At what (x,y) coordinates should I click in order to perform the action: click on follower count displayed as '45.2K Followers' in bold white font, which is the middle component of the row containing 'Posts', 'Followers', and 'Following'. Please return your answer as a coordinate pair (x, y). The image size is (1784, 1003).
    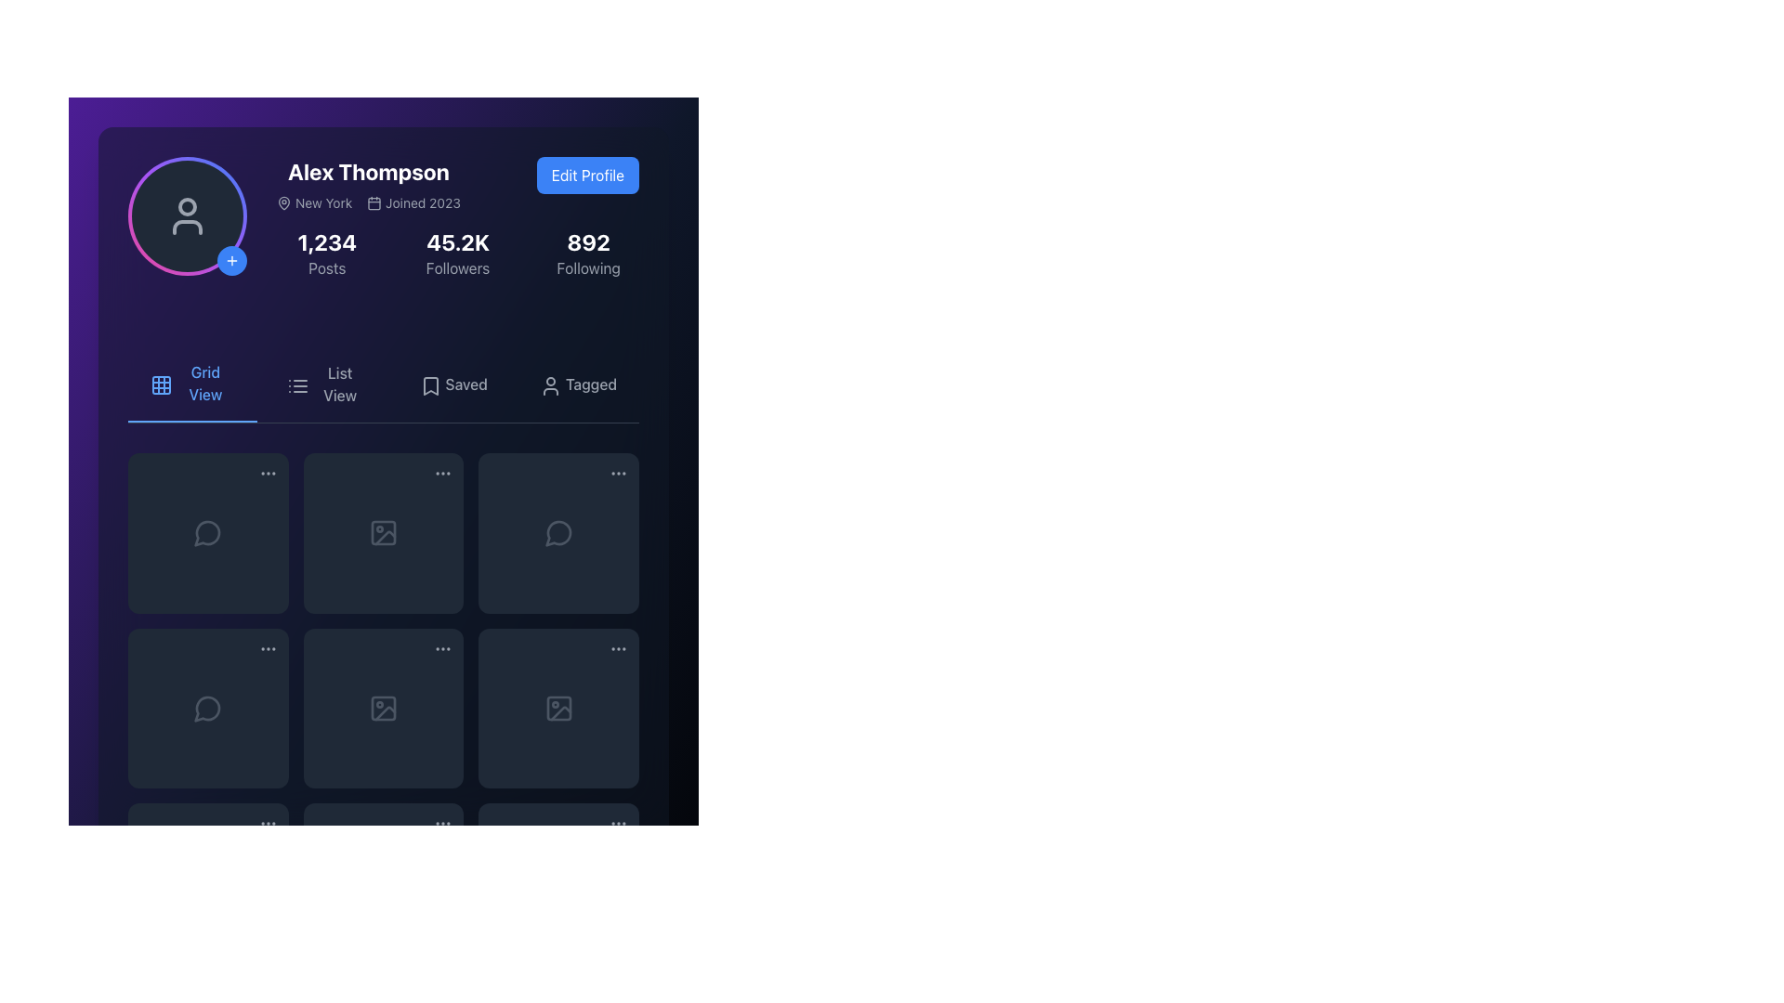
    Looking at the image, I should click on (458, 254).